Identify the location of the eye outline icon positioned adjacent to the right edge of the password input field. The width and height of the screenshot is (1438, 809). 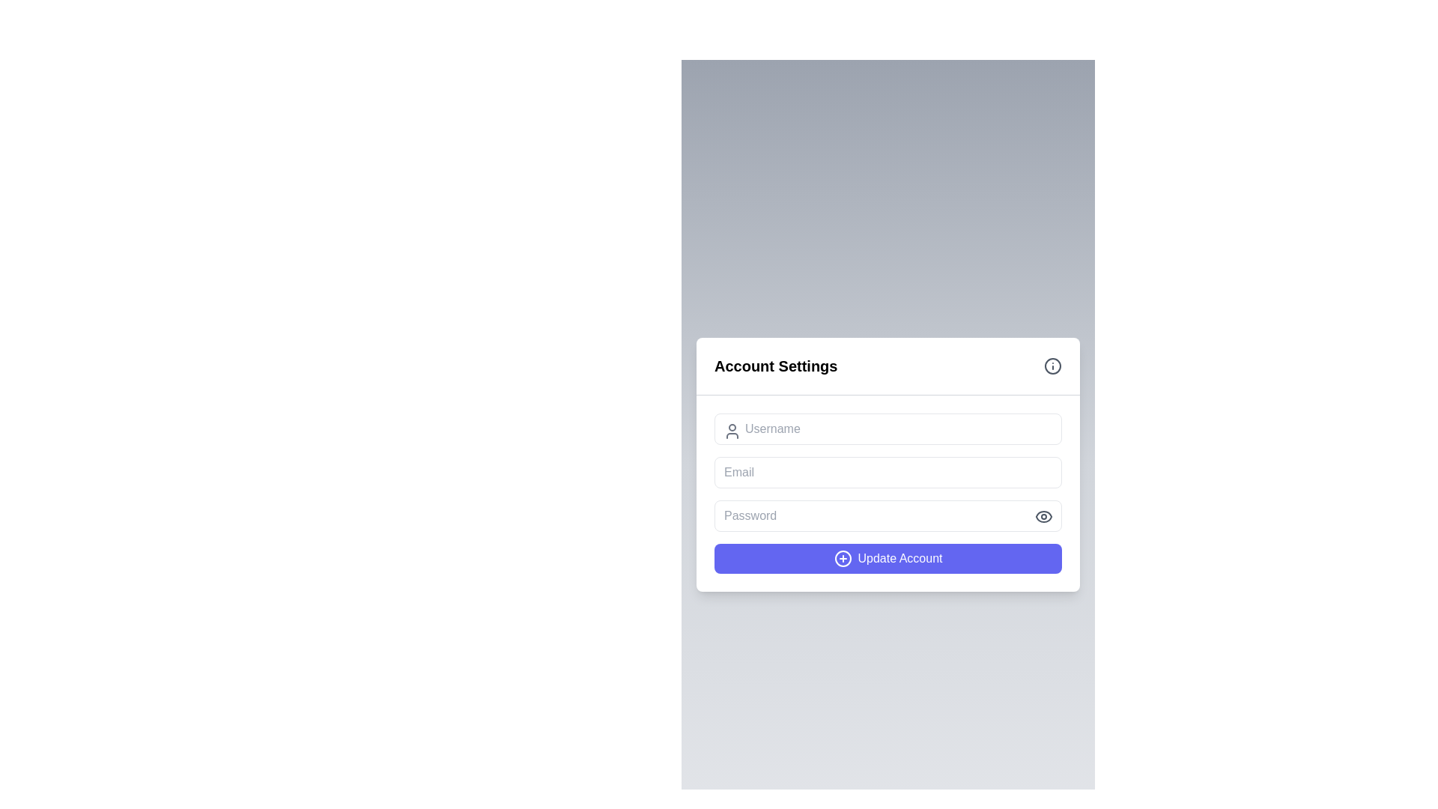
(1043, 515).